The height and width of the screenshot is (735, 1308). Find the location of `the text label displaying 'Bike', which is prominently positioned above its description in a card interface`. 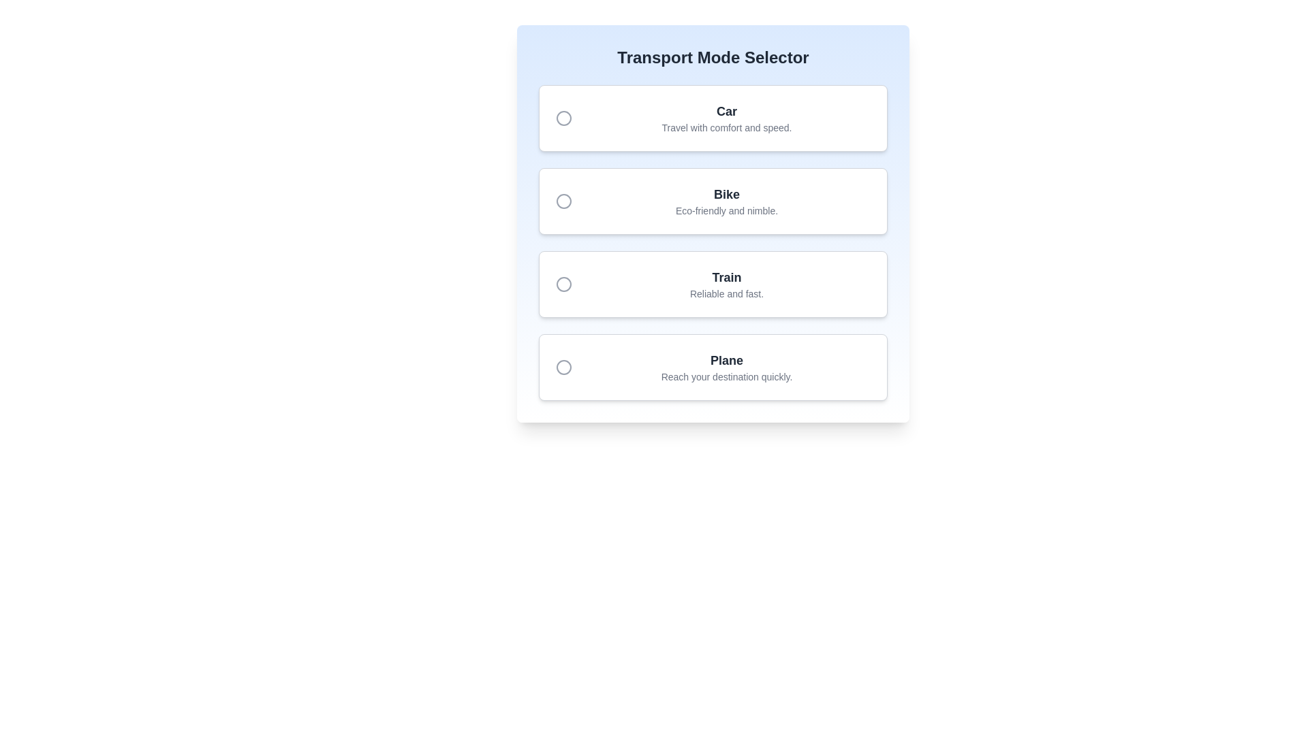

the text label displaying 'Bike', which is prominently positioned above its description in a card interface is located at coordinates (726, 194).